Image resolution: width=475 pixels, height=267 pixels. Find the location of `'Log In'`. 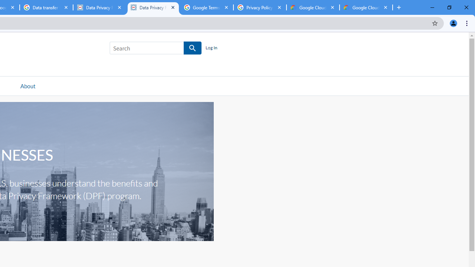

'Log In' is located at coordinates (211, 48).